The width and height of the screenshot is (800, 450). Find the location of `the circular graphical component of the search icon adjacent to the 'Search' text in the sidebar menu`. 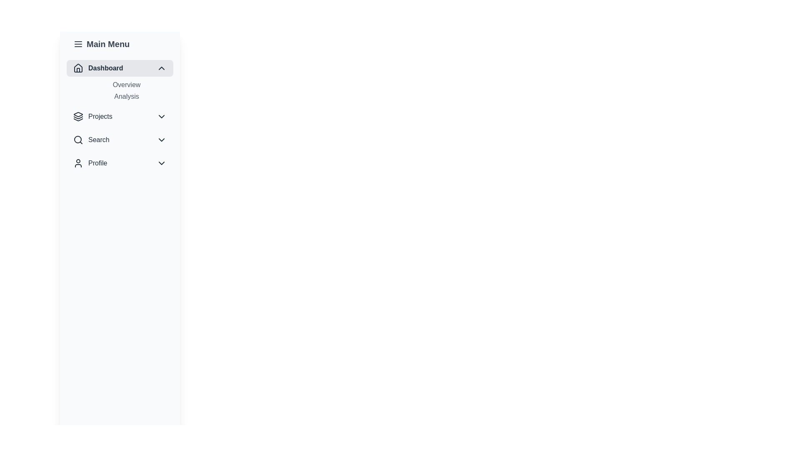

the circular graphical component of the search icon adjacent to the 'Search' text in the sidebar menu is located at coordinates (78, 139).